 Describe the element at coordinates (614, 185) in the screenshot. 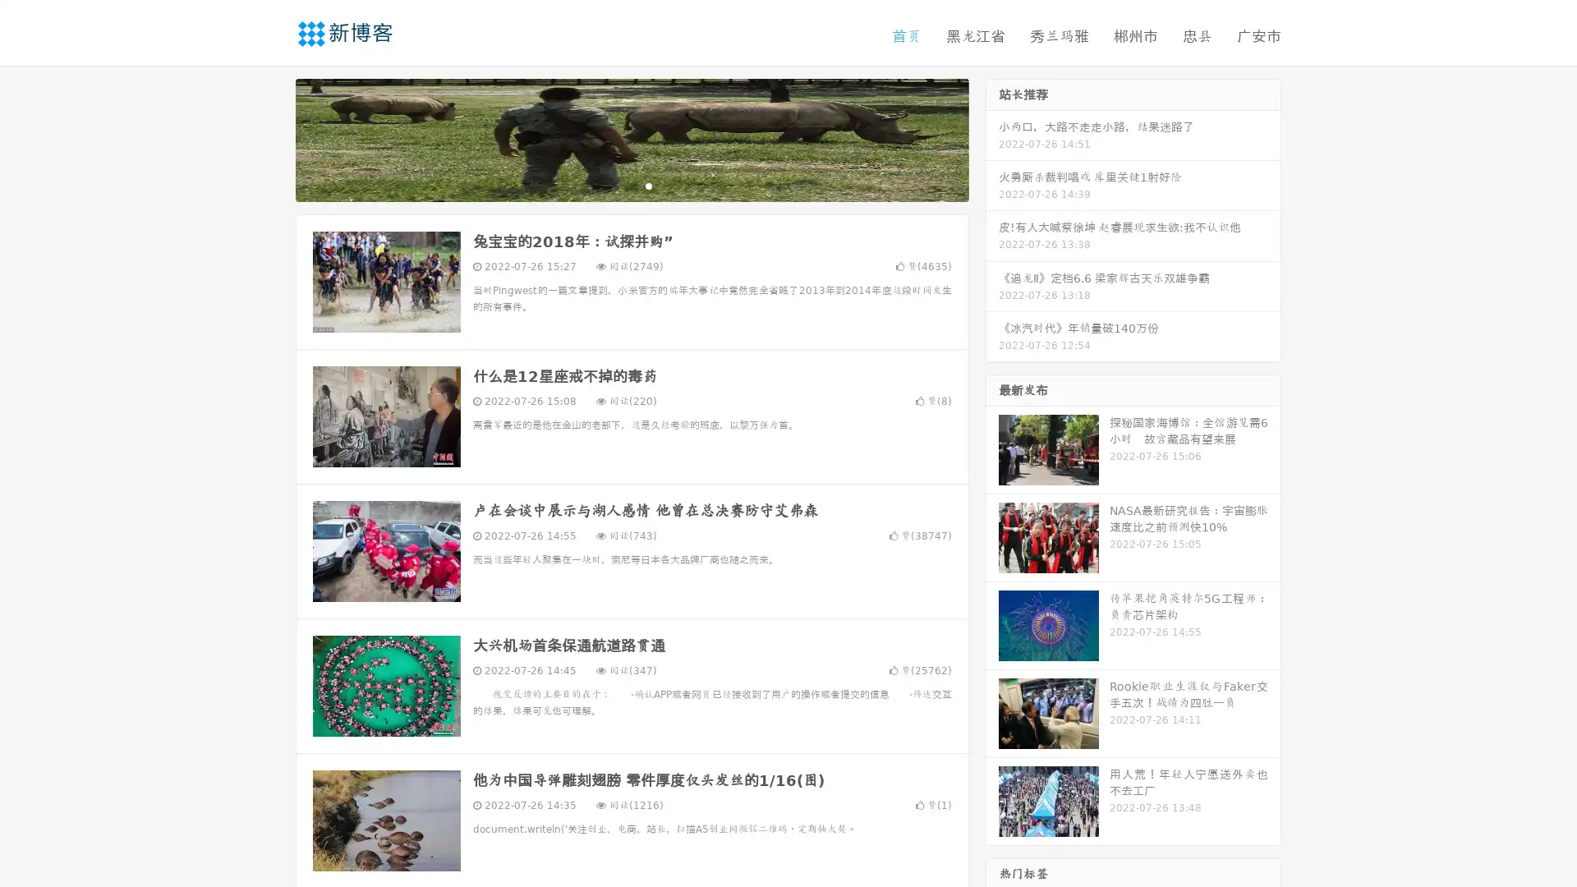

I see `Go to slide 1` at that location.